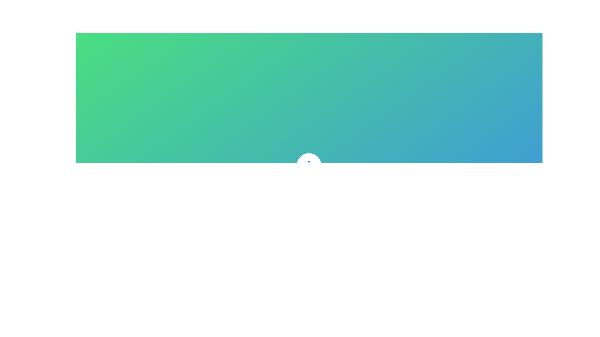 This screenshot has height=337, width=600. I want to click on the white circular icon button with a blue gear symbol in its center, so click(309, 165).